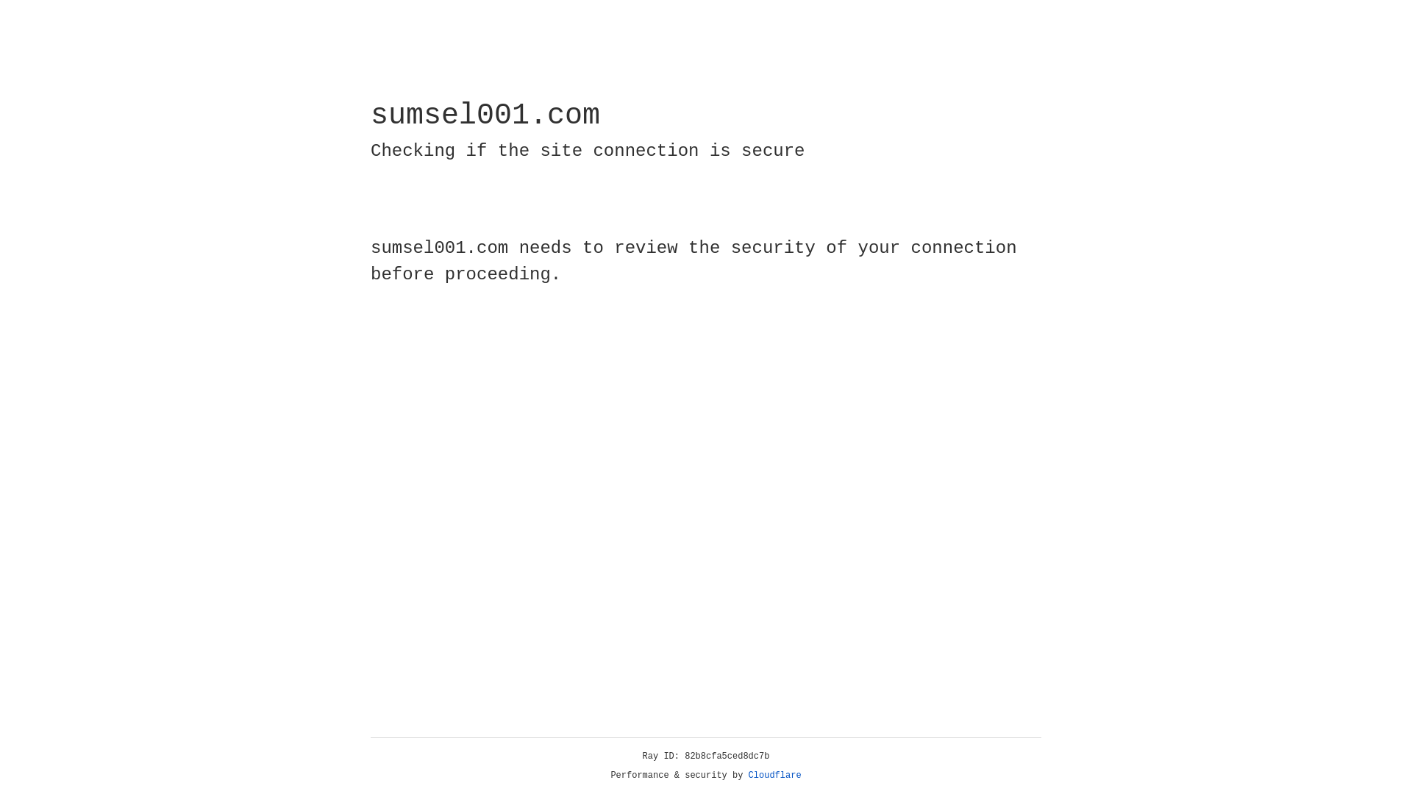 The width and height of the screenshot is (1412, 794). I want to click on 'Cloudflare', so click(774, 775).